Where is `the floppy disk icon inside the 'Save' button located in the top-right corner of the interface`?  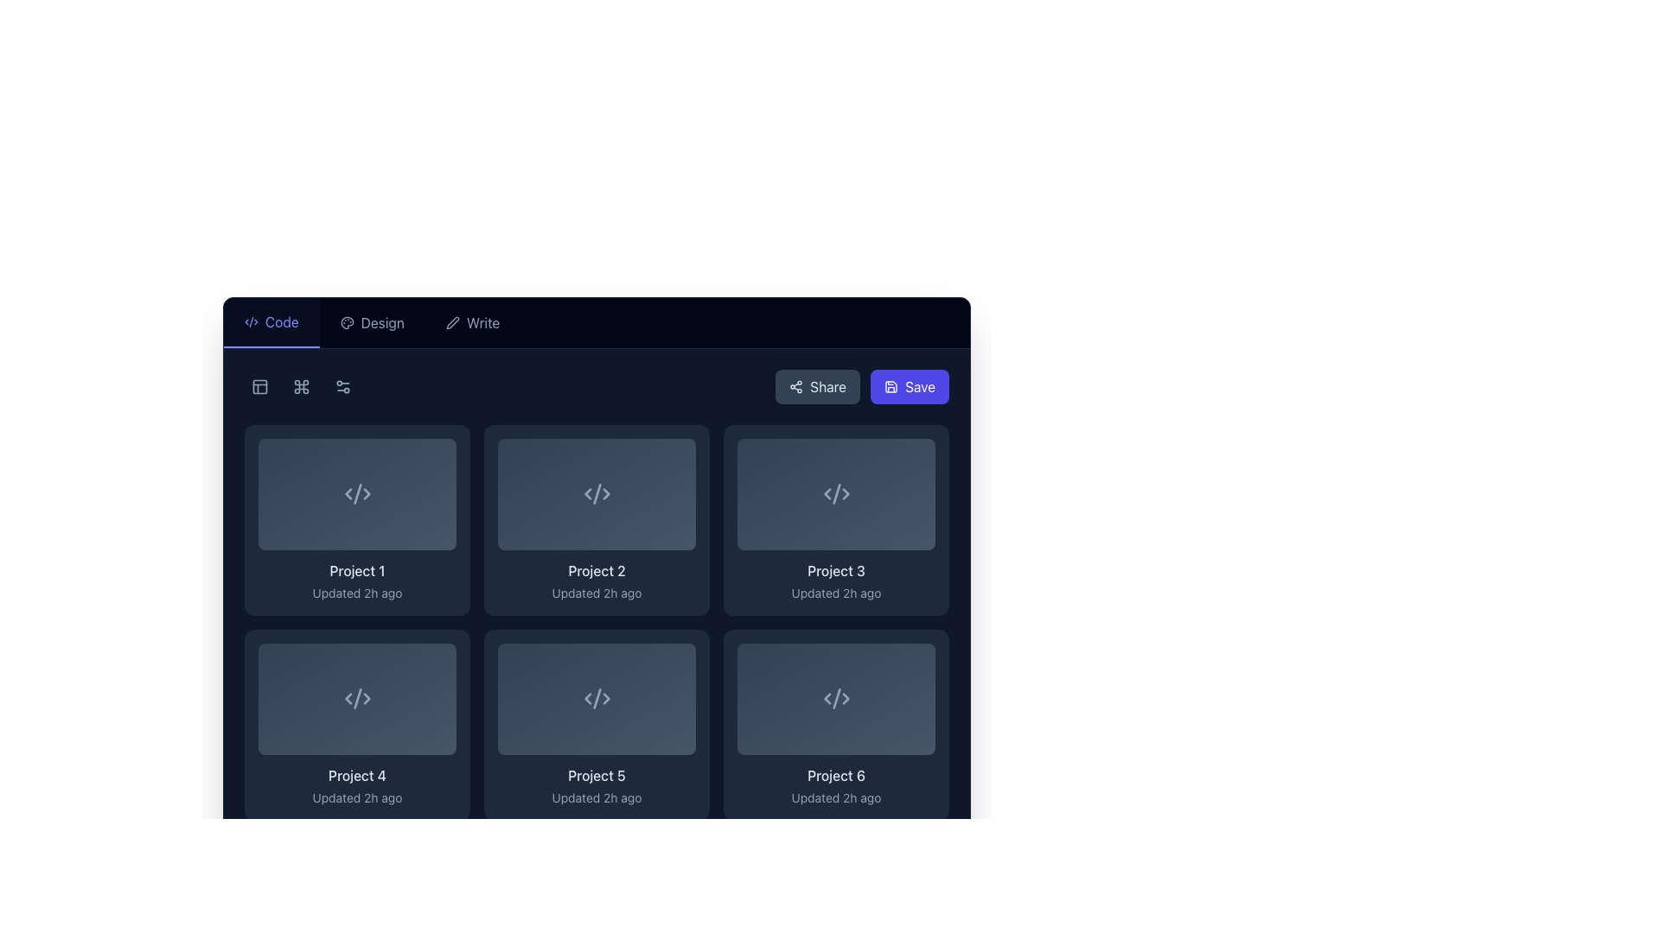 the floppy disk icon inside the 'Save' button located in the top-right corner of the interface is located at coordinates (891, 385).